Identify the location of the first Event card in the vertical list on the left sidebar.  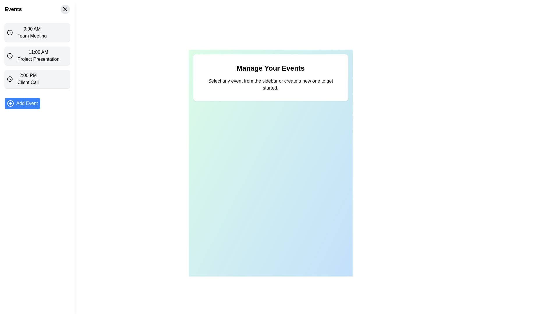
(37, 32).